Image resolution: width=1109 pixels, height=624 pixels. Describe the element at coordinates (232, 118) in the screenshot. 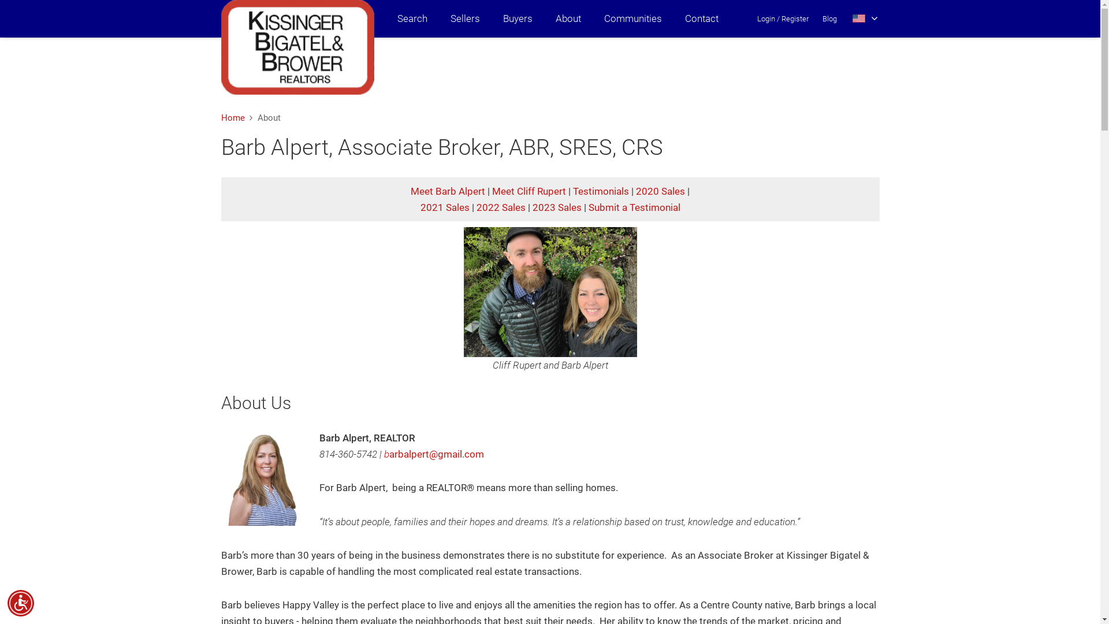

I see `'Home'` at that location.